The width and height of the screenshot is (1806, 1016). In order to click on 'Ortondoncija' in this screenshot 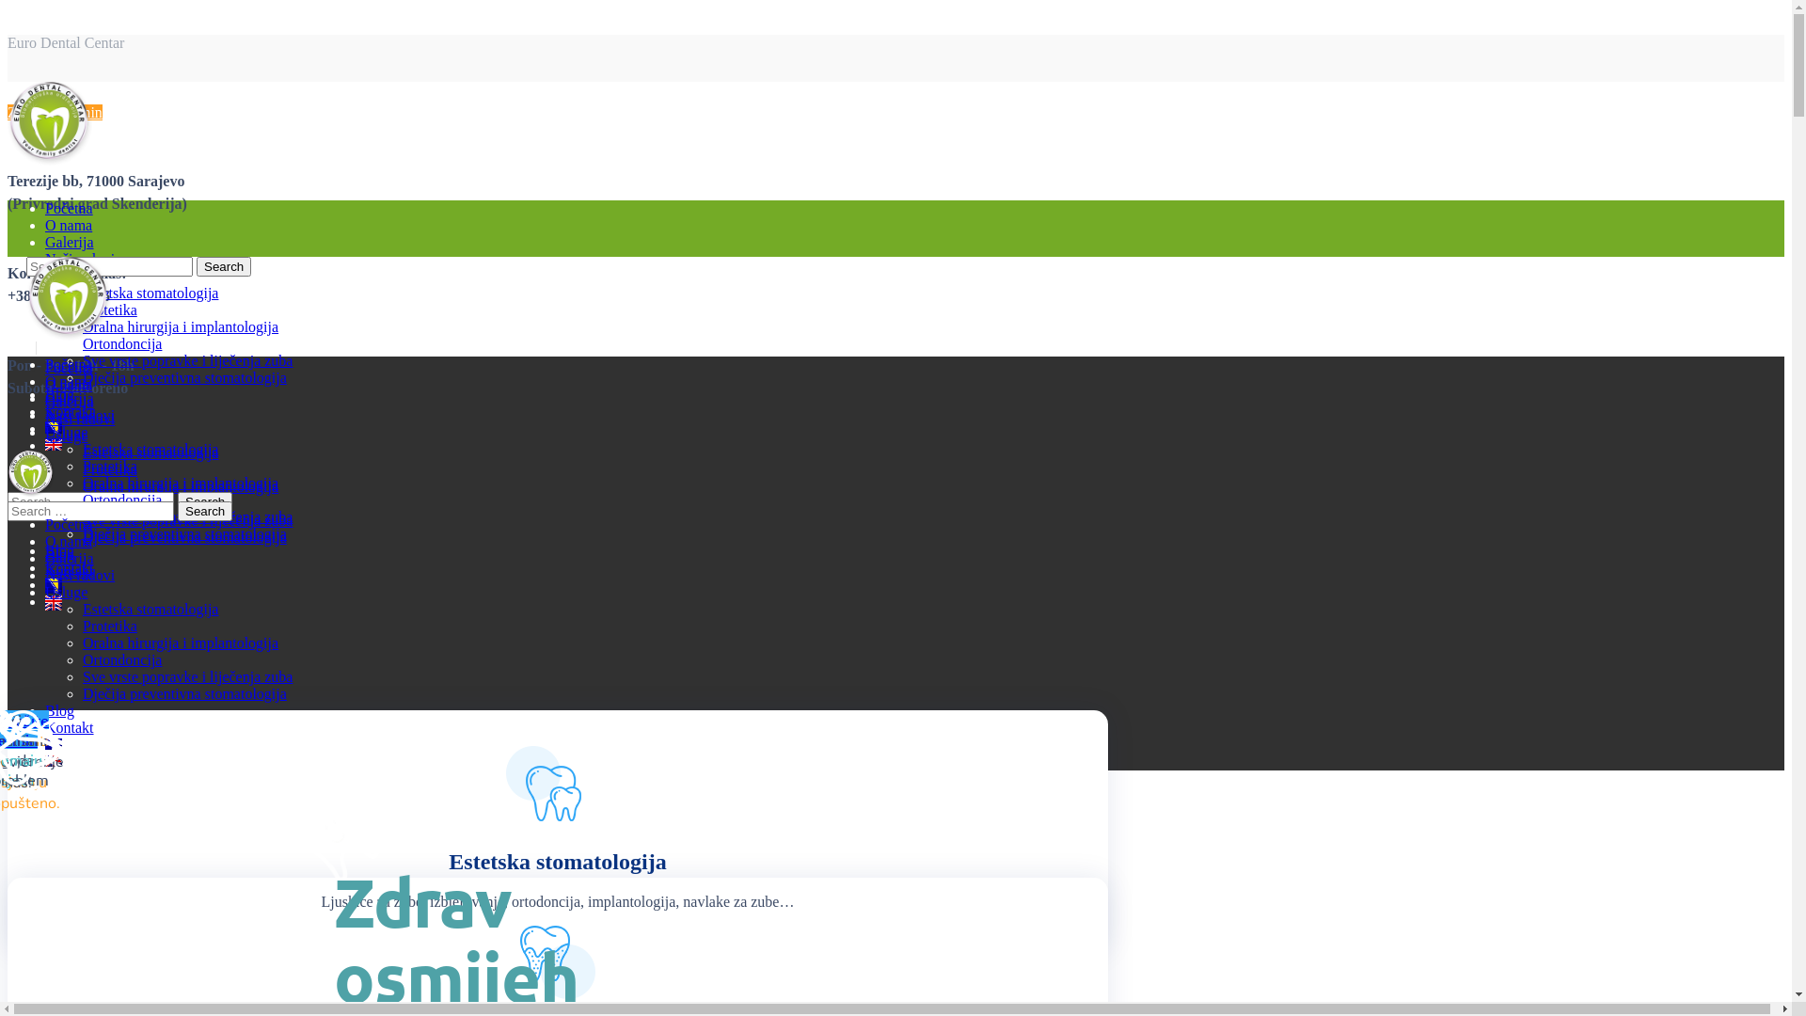, I will do `click(120, 502)`.